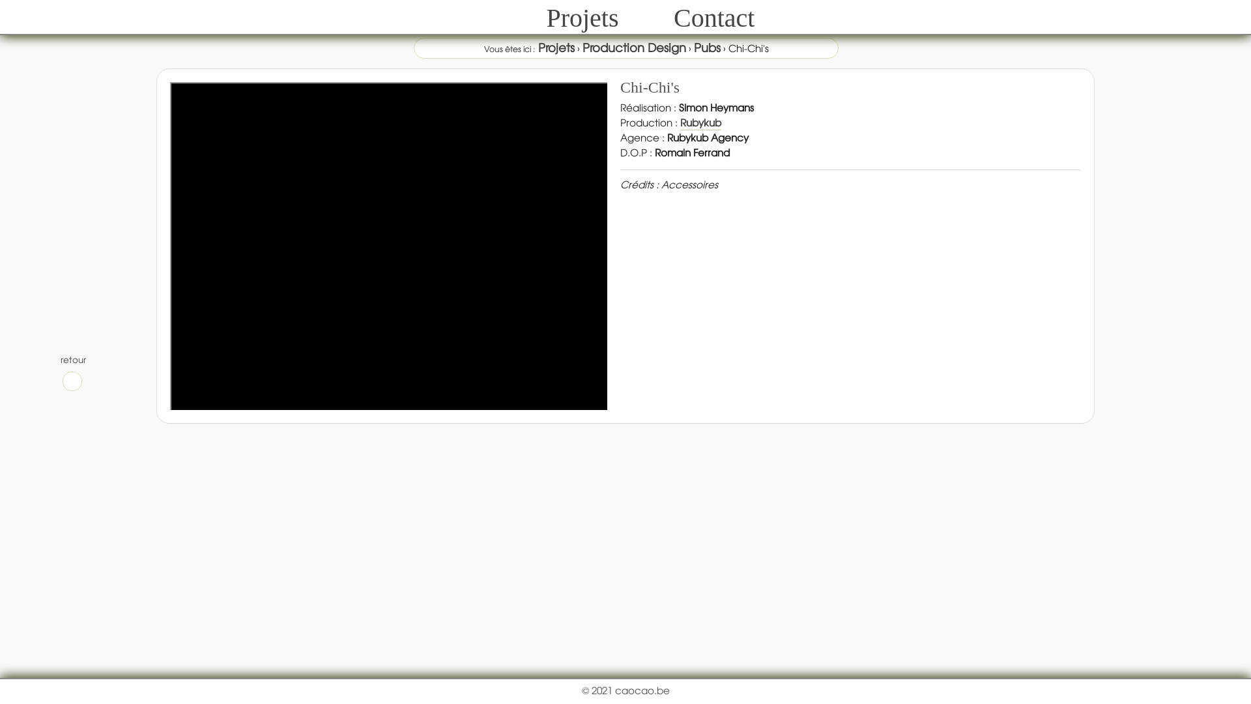  Describe the element at coordinates (700, 123) in the screenshot. I see `'Rubykub'` at that location.